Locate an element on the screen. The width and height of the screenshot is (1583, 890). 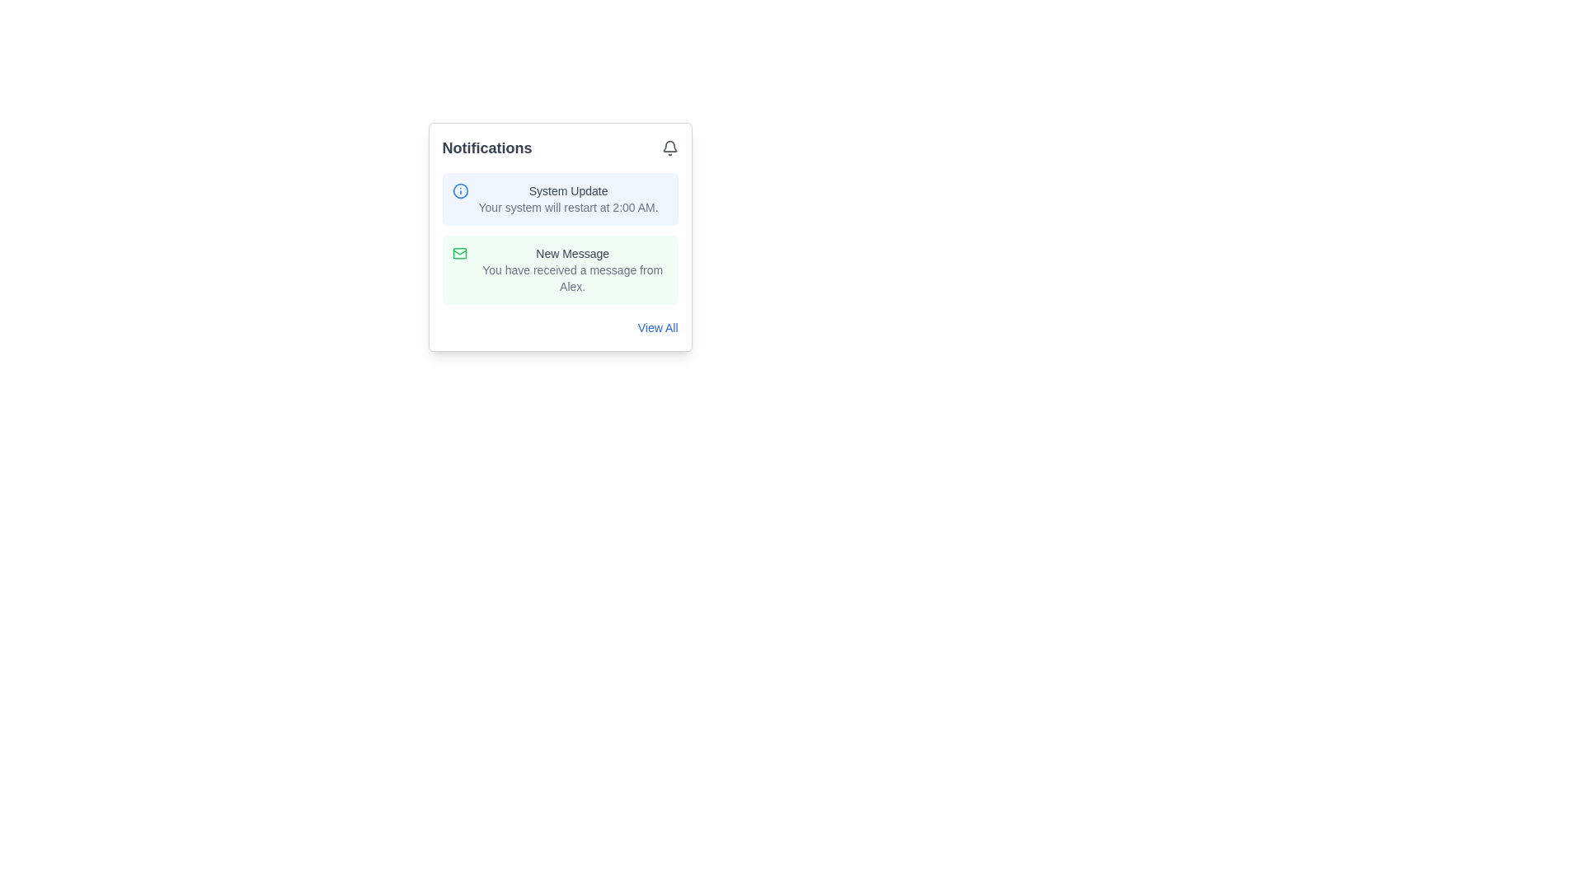
the 'New Message' text label, which is styled in medium gray font within a green notification card, located in the second notification section under the 'Notifications' card is located at coordinates (572, 254).